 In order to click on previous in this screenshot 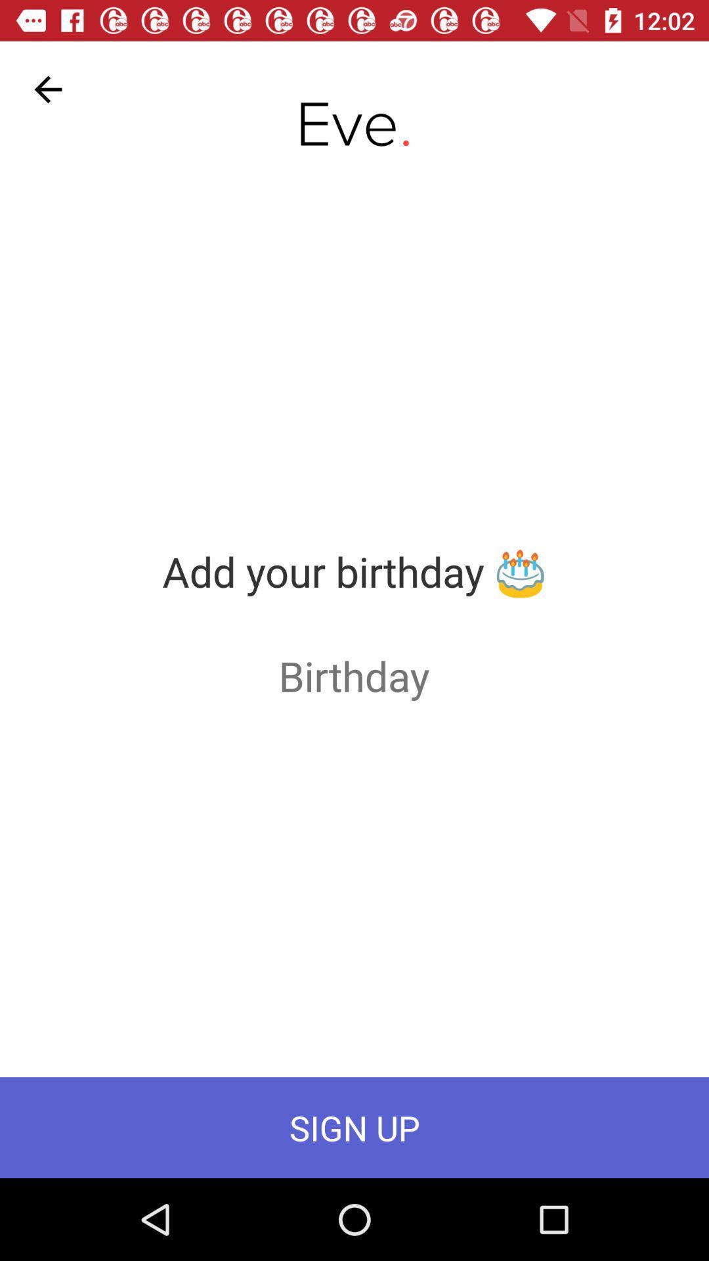, I will do `click(47, 89)`.